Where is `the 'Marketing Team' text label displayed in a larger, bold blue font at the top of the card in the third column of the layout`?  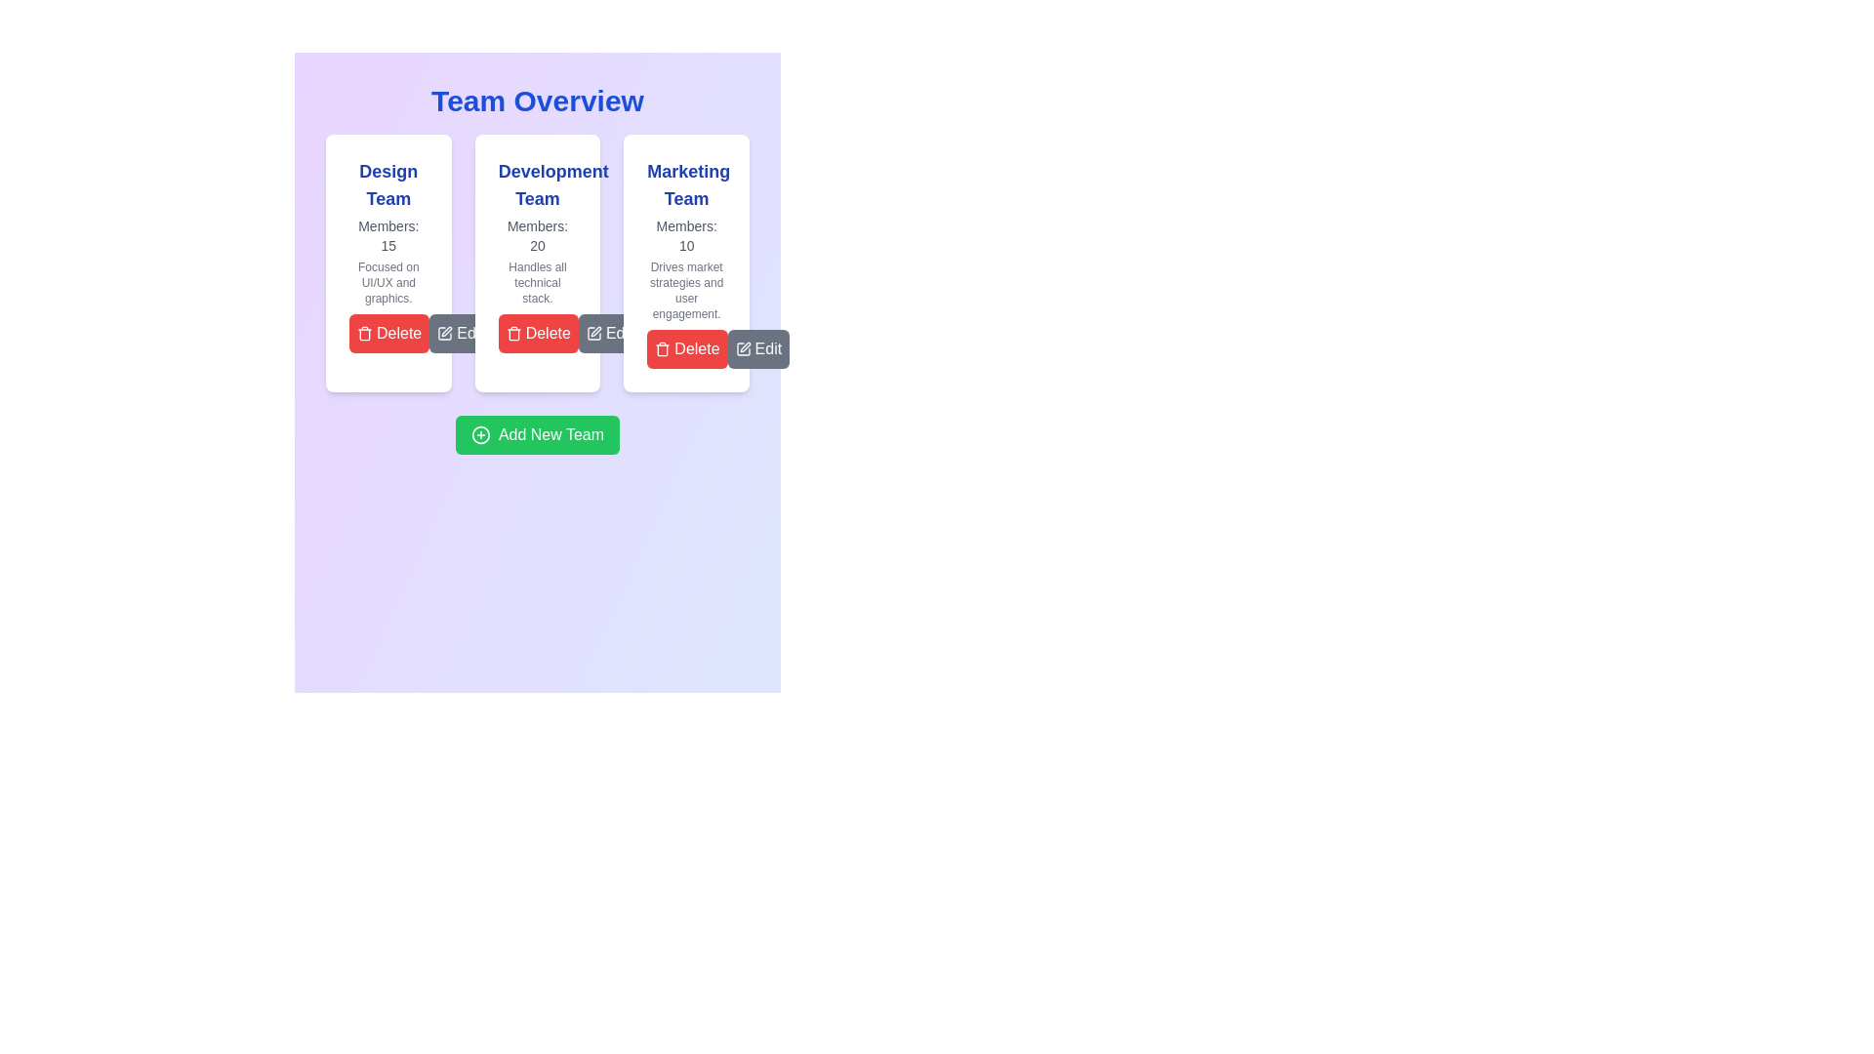 the 'Marketing Team' text label displayed in a larger, bold blue font at the top of the card in the third column of the layout is located at coordinates (686, 184).